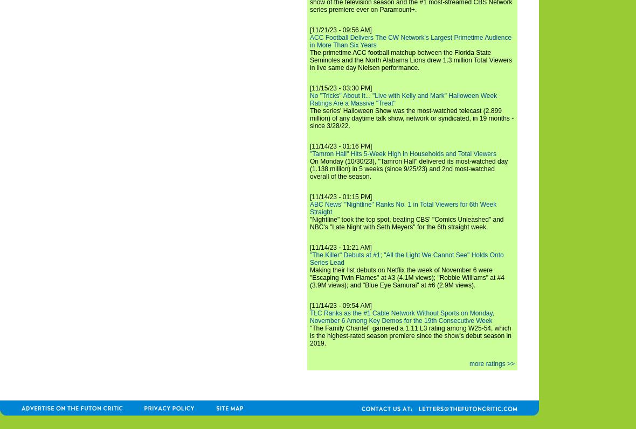 This screenshot has width=636, height=429. What do you see at coordinates (310, 335) in the screenshot?
I see `'"The Family Chantel" garnered a 1.11 L3 rating among W25-54, which is the highest-rated season premiere since the show's debut season in 2019.'` at bounding box center [310, 335].